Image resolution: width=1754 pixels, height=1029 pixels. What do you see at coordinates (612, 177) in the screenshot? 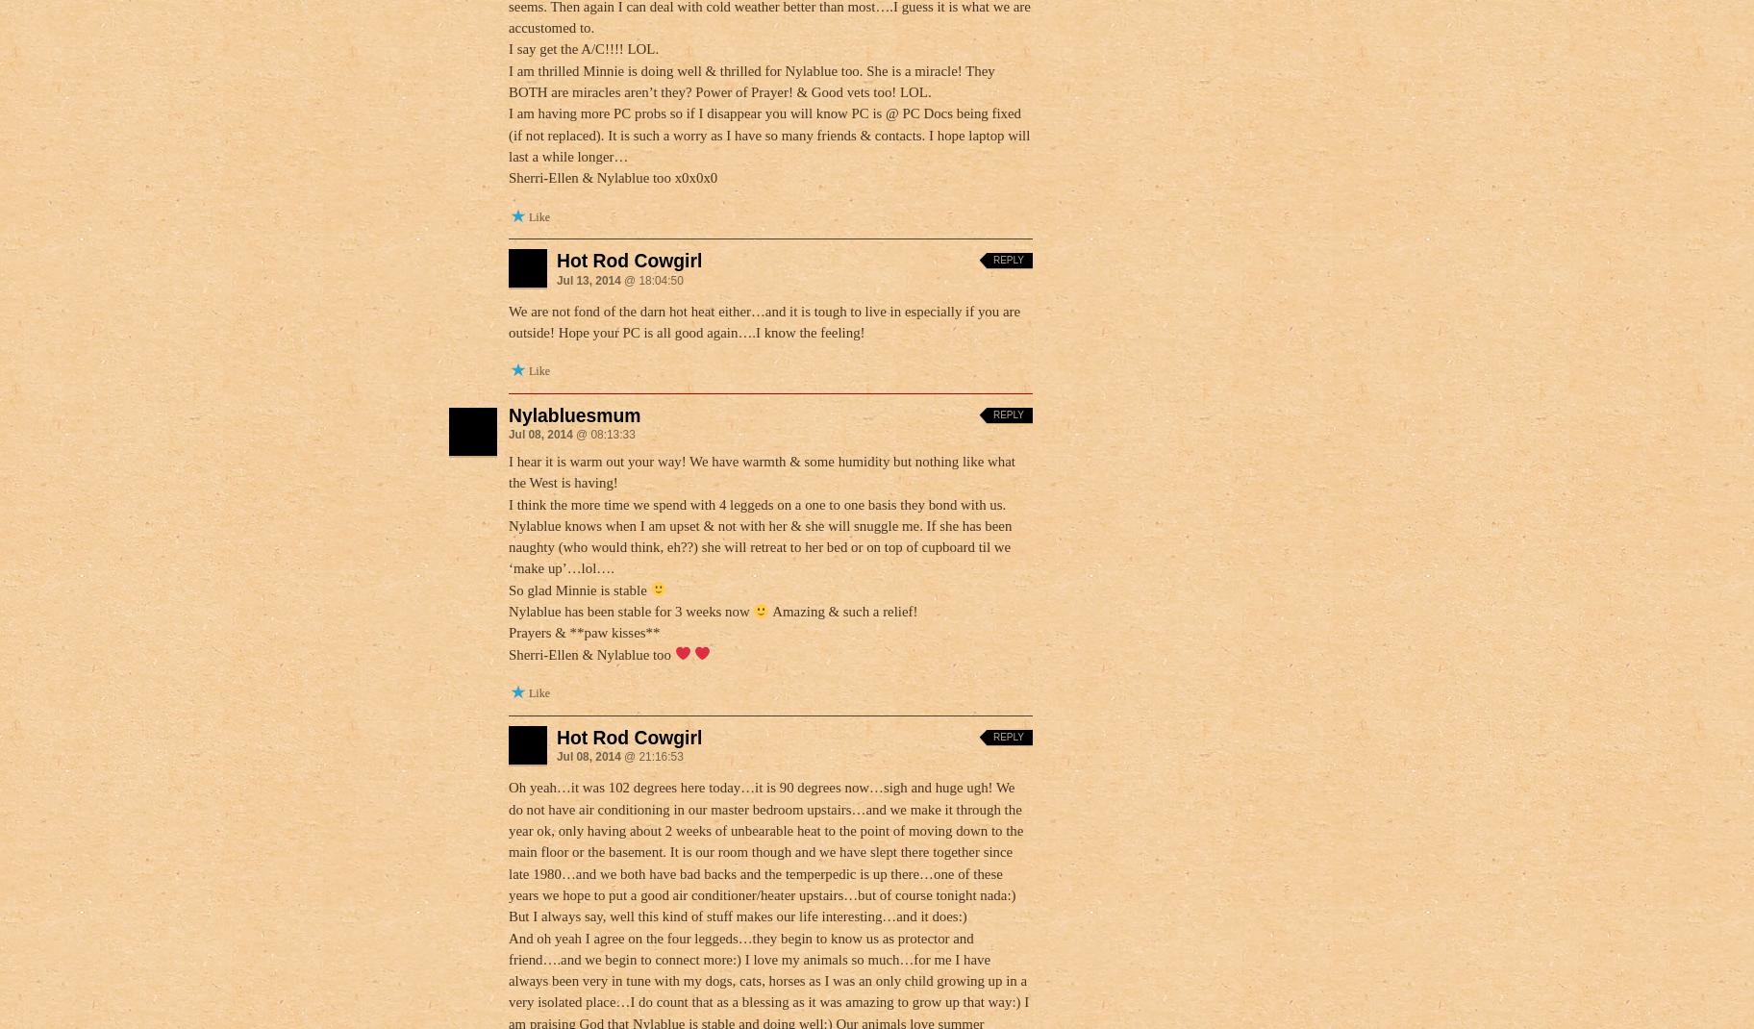
I see `'Sherri-Ellen & Nylablue too x0x0x0'` at bounding box center [612, 177].